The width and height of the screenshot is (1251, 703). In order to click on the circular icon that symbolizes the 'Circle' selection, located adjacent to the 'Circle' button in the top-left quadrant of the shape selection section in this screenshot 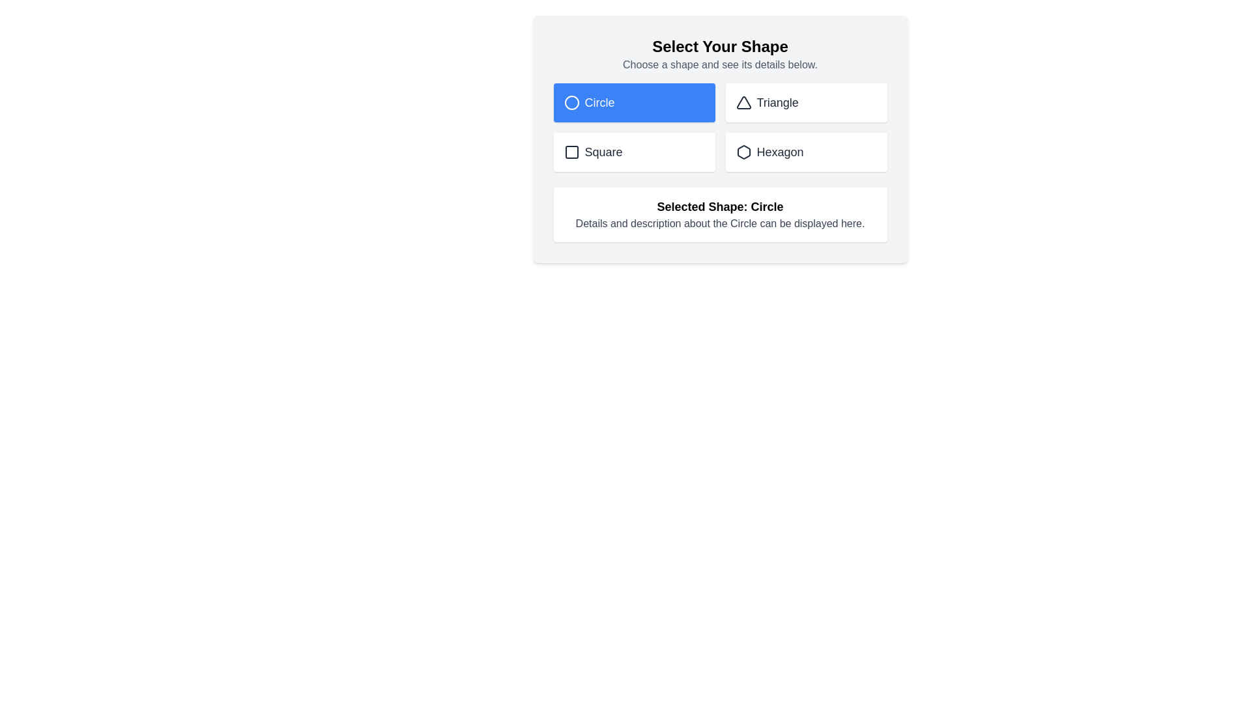, I will do `click(571, 102)`.